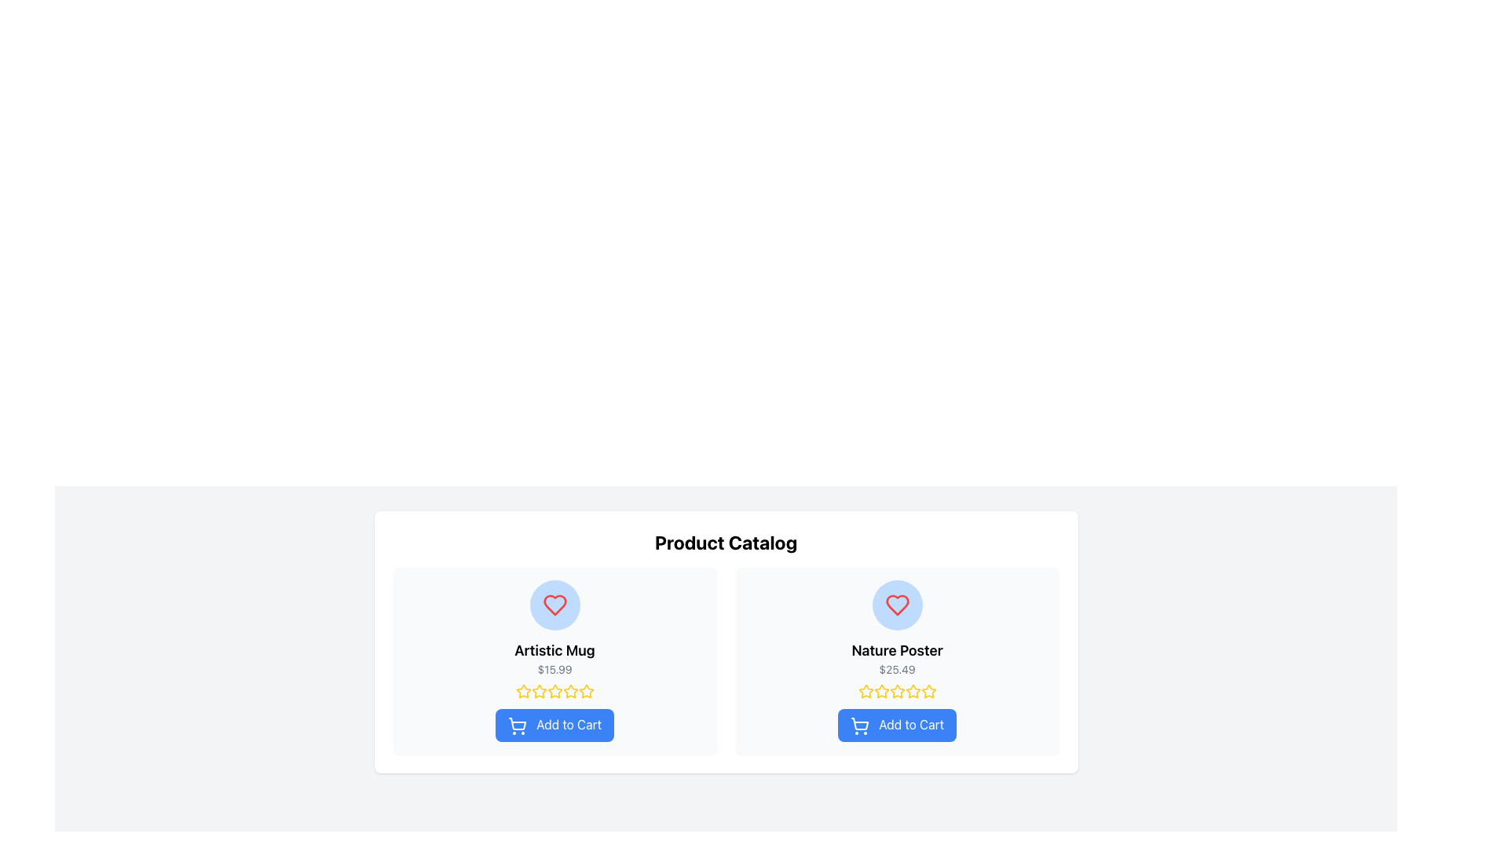 The width and height of the screenshot is (1508, 848). Describe the element at coordinates (555, 725) in the screenshot. I see `the 'Add to Cart' button with a blue background and white text, located at the lower section of the 'Artistic Mug' product card, to trigger visual feedback` at that location.